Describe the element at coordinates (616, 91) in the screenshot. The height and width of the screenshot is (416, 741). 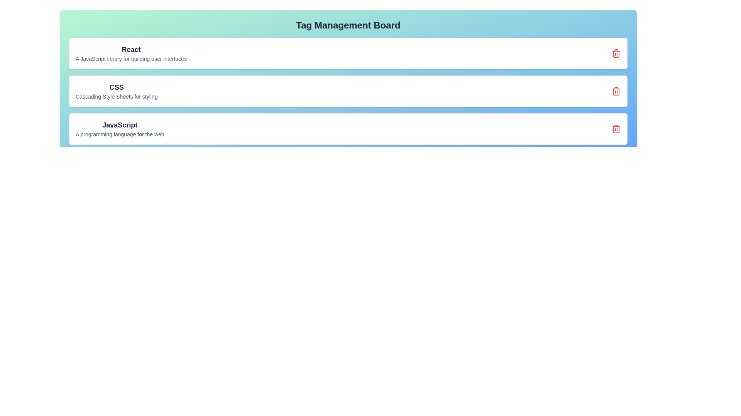
I see `delete button corresponding to the tag CSS to remove it` at that location.